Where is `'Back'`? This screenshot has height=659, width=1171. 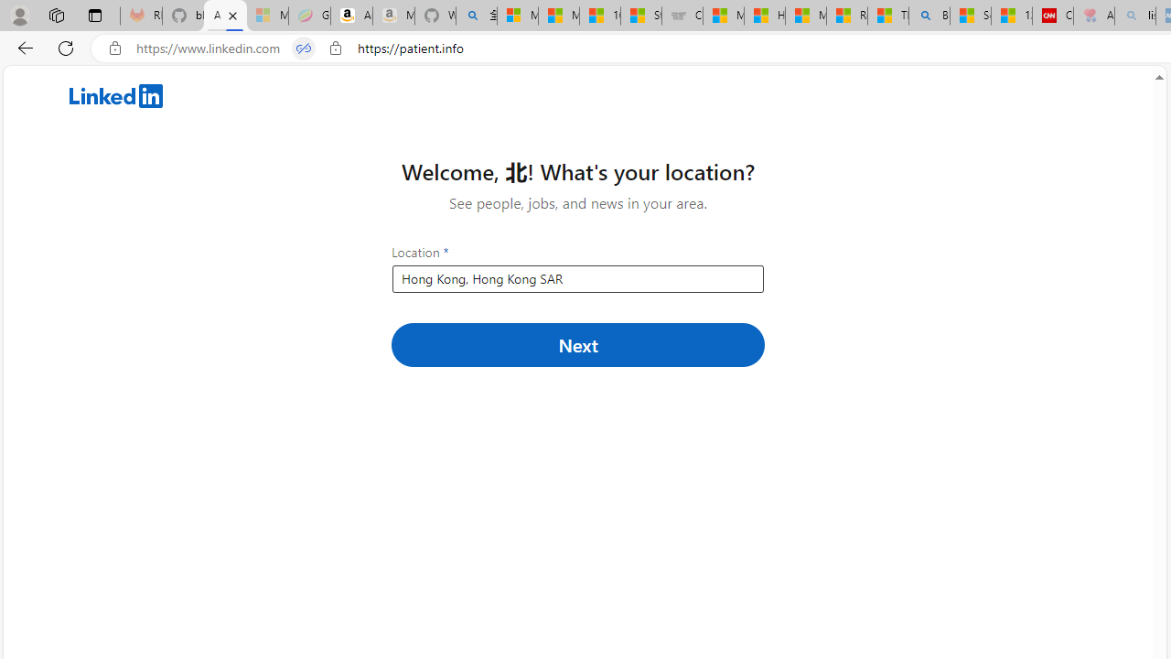 'Back' is located at coordinates (22, 47).